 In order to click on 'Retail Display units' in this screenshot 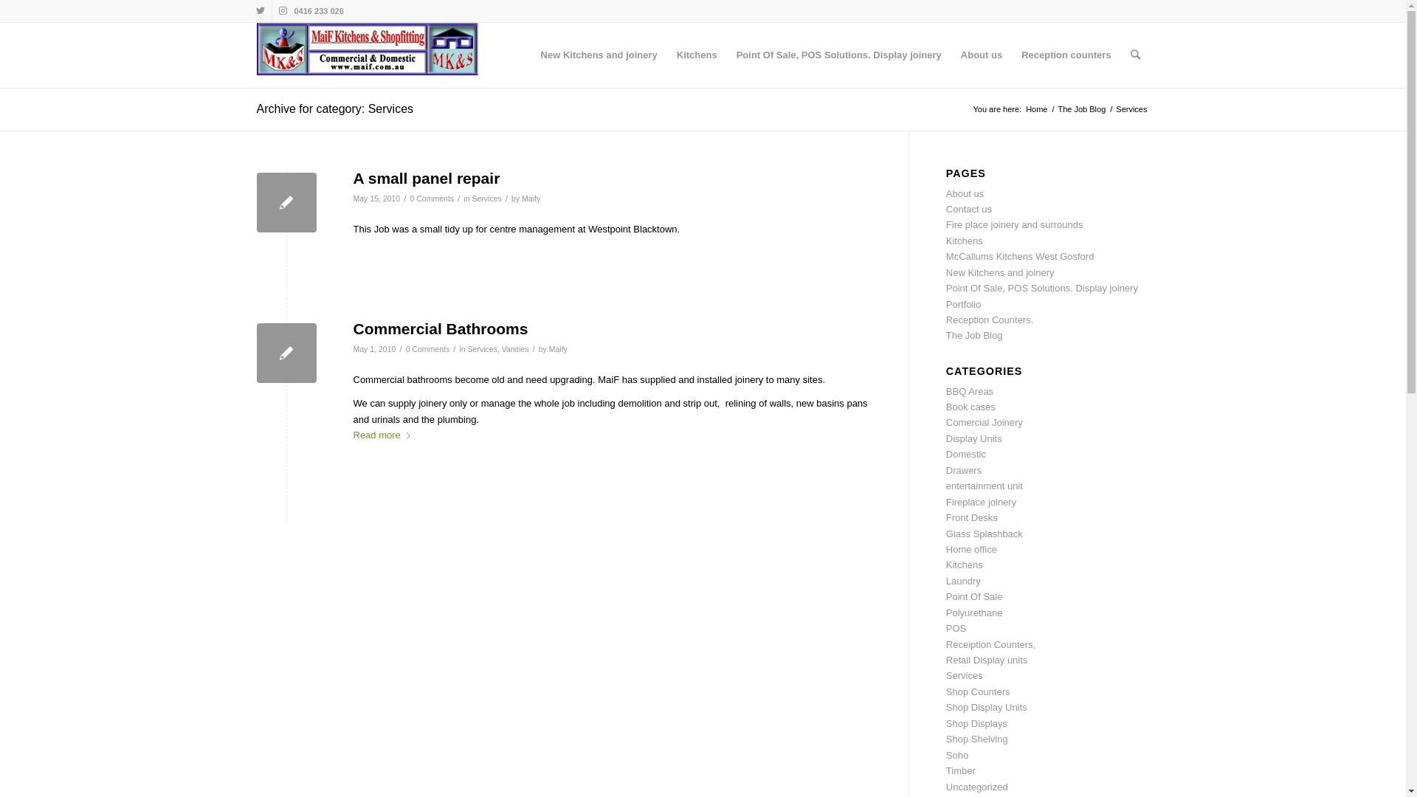, I will do `click(987, 659)`.